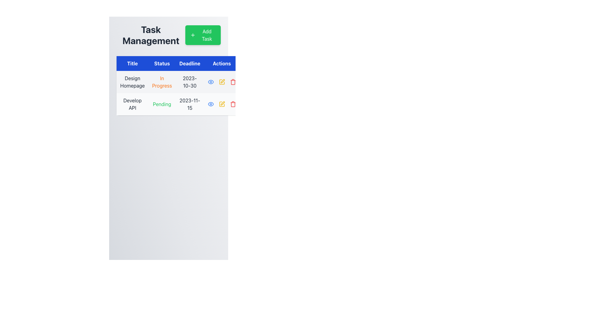 This screenshot has width=592, height=333. Describe the element at coordinates (162, 82) in the screenshot. I see `the static text label indicating the current status of the task titled 'Design Homepage', which shows 'In Progress'` at that location.